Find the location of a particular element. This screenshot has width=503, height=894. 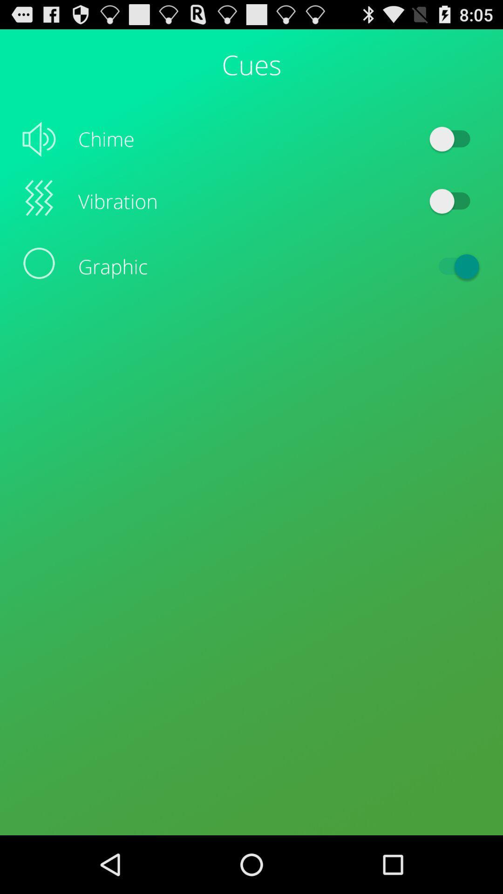

the item next to vibration item is located at coordinates (454, 201).